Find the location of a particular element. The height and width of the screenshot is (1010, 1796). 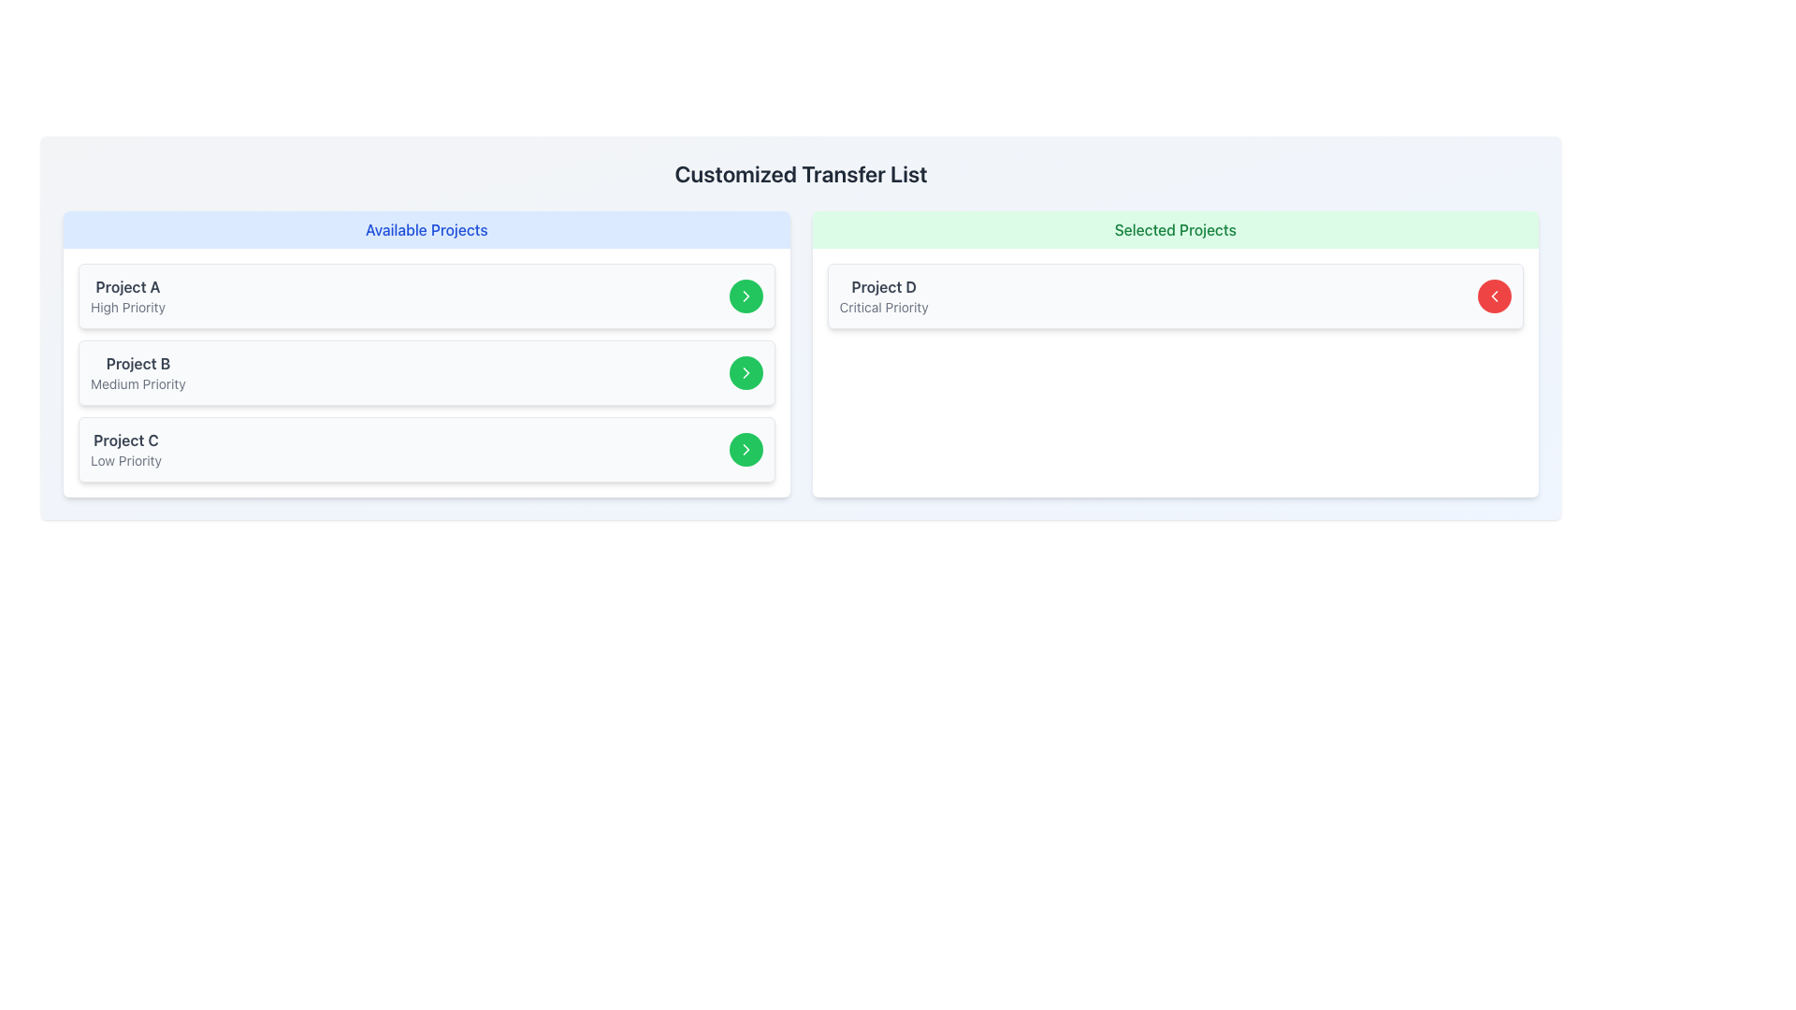

the informational Text Label displaying 'Project C' with 'Low Priority', located as the third card in the 'Available Projects' list is located at coordinates (124, 450).